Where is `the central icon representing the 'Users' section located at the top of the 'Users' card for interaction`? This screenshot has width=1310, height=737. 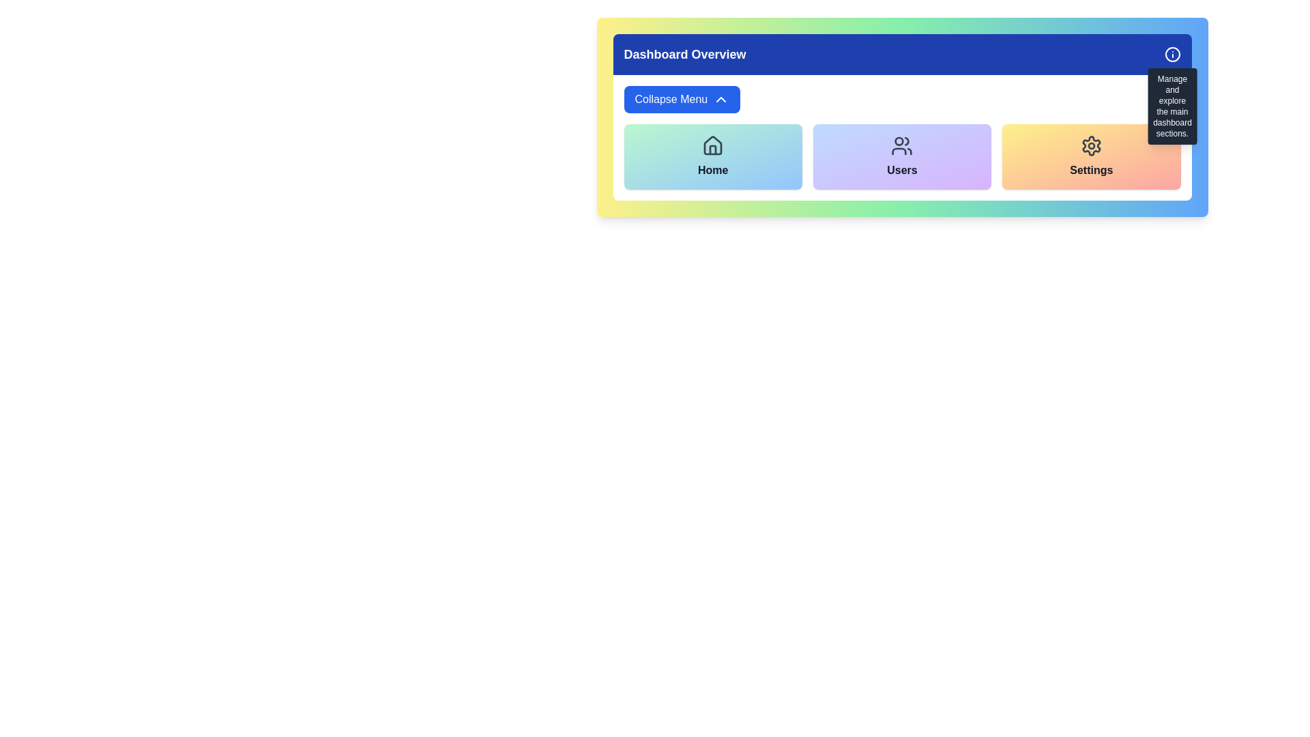 the central icon representing the 'Users' section located at the top of the 'Users' card for interaction is located at coordinates (902, 145).